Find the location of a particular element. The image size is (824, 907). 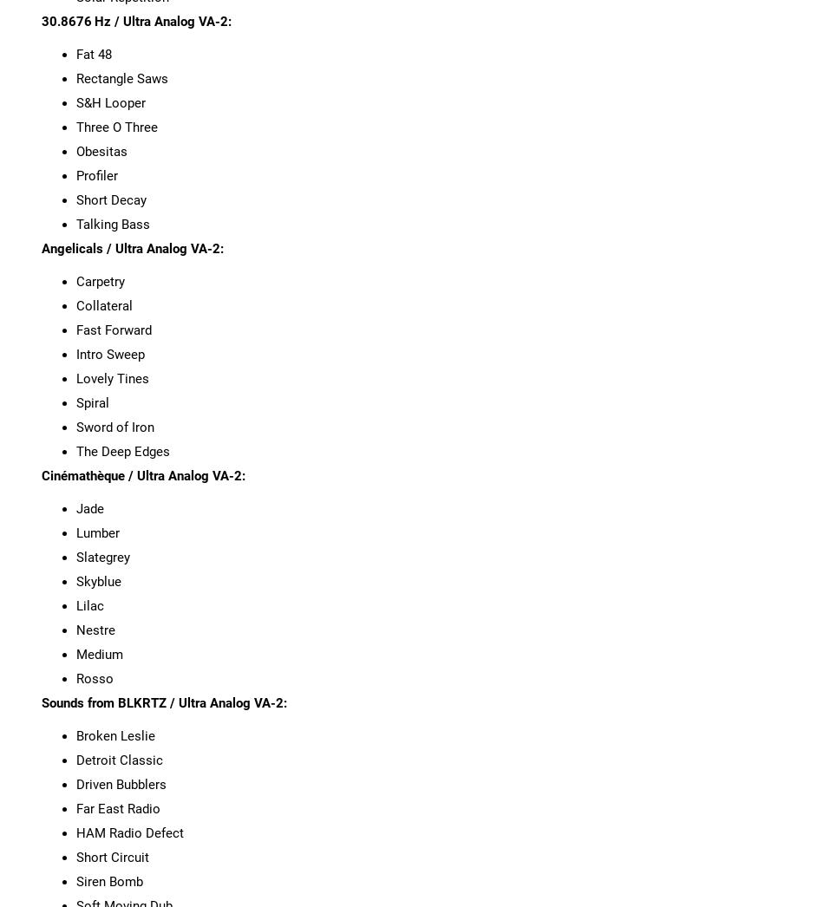

'Talking Bass' is located at coordinates (112, 223).